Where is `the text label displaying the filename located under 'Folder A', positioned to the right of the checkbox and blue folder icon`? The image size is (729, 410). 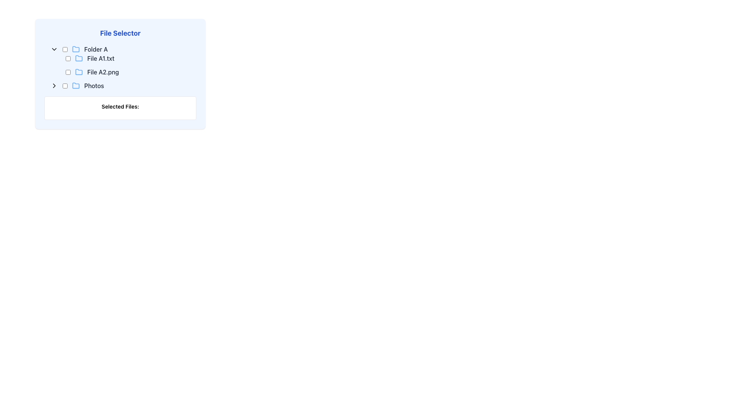
the text label displaying the filename located under 'Folder A', positioned to the right of the checkbox and blue folder icon is located at coordinates (100, 58).